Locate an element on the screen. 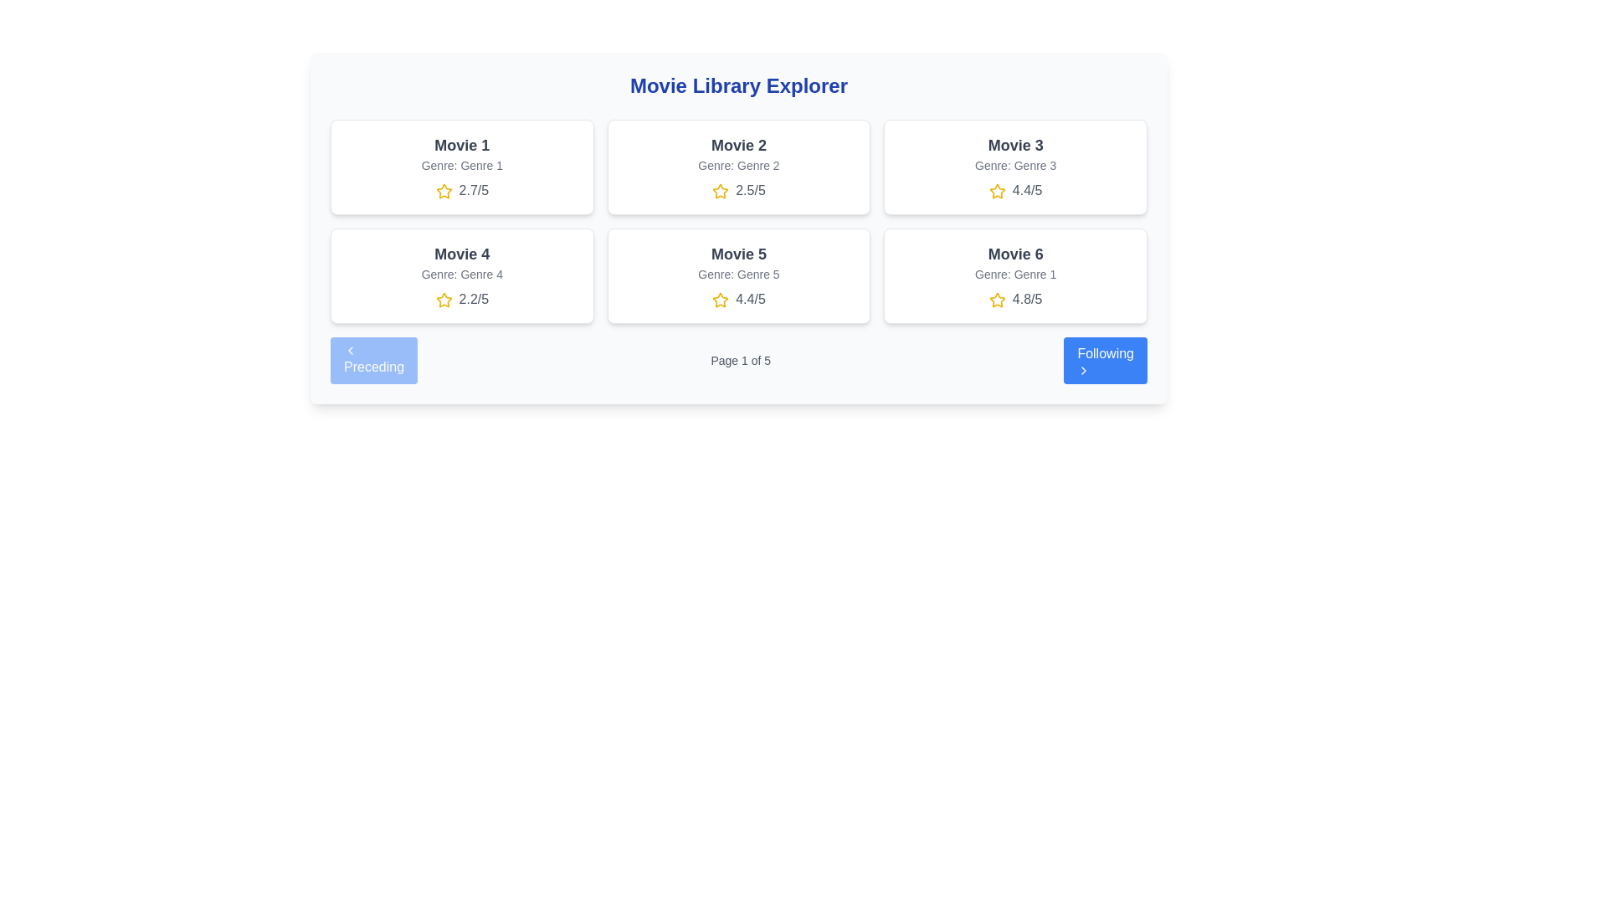 The image size is (1607, 904). the text indicator that states 'Page 1 of 5', styled with a gray font, located centrally between the 'Preceding' and 'Following' navigation buttons in the footer area is located at coordinates (738, 360).